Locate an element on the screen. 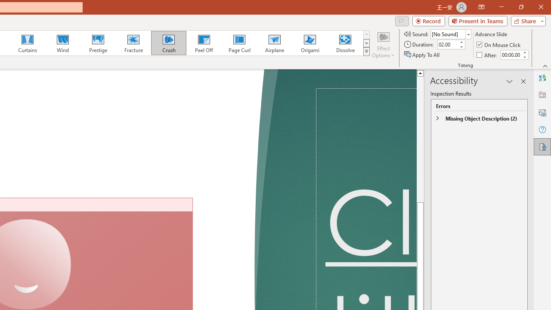  'Airplane' is located at coordinates (274, 43).